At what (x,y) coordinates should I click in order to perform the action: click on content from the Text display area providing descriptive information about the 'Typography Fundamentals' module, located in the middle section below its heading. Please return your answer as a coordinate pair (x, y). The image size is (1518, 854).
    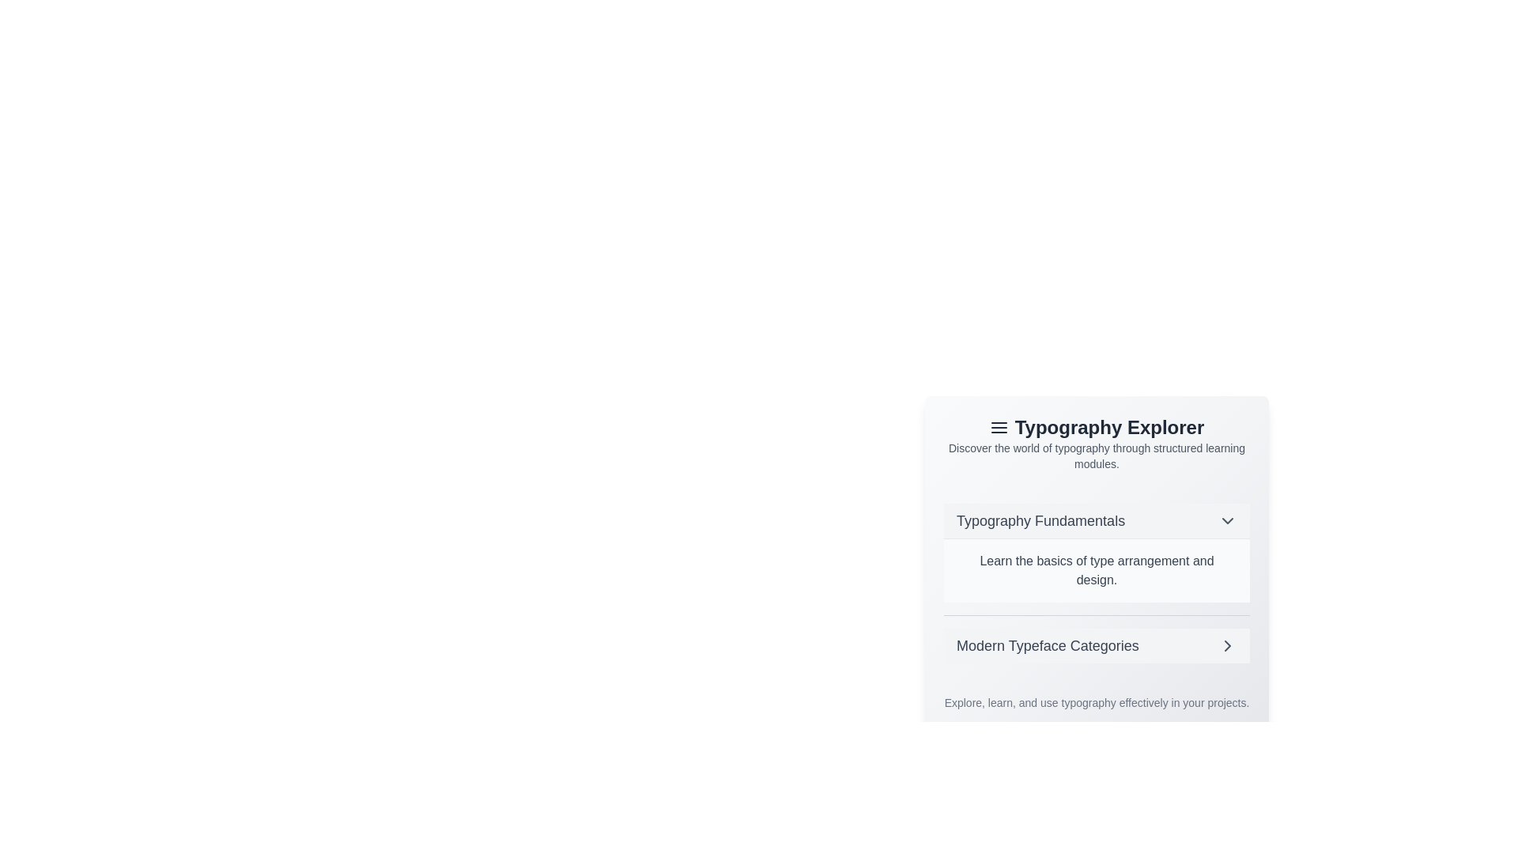
    Looking at the image, I should click on (1096, 548).